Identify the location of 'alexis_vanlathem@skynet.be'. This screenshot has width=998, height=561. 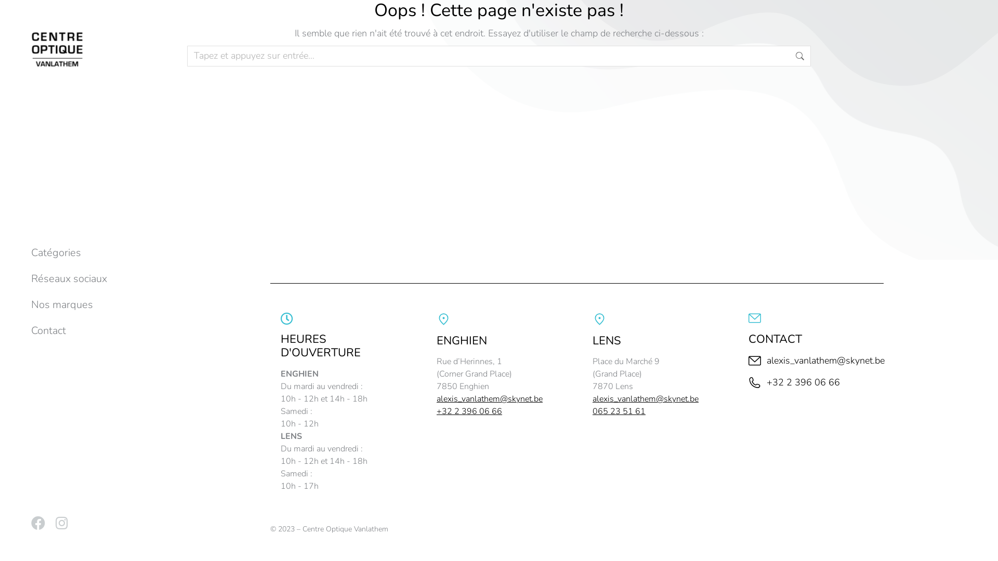
(645, 398).